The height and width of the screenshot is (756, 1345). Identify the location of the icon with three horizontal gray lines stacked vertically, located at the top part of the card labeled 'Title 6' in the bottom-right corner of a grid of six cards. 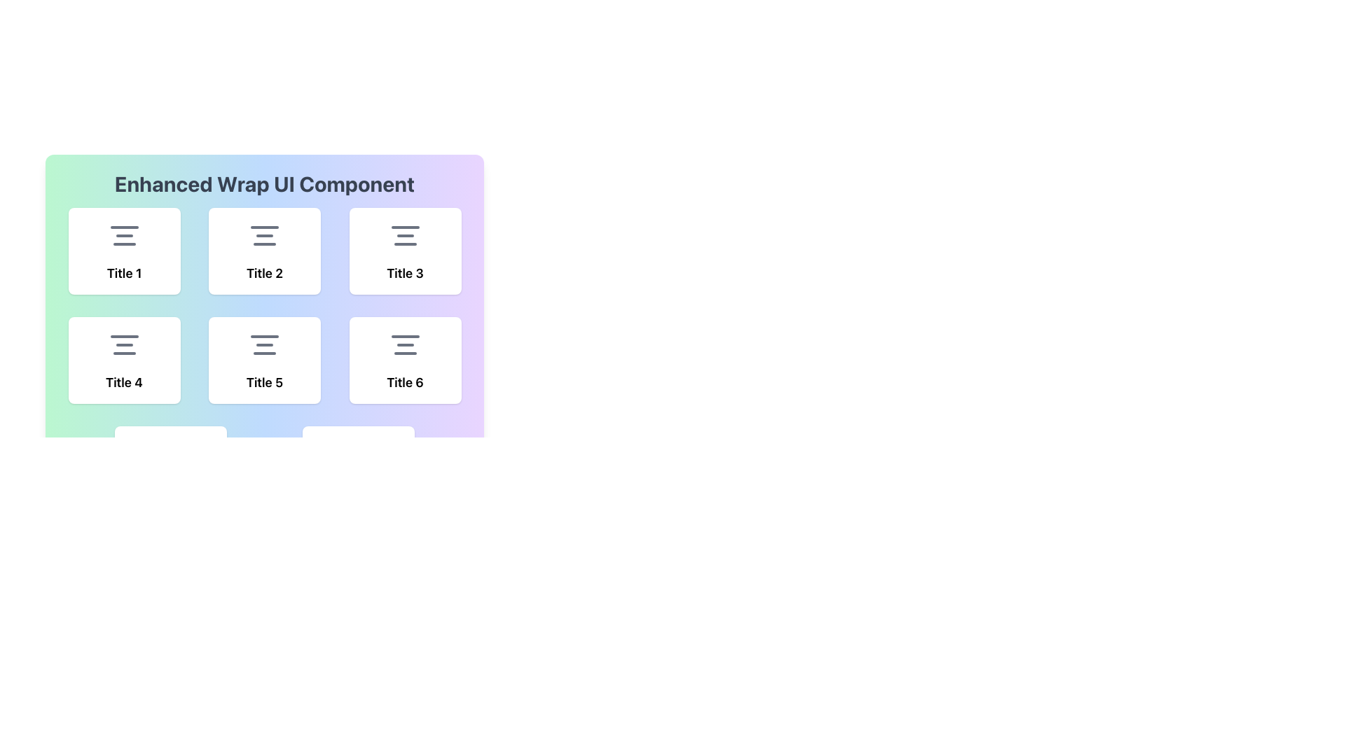
(404, 345).